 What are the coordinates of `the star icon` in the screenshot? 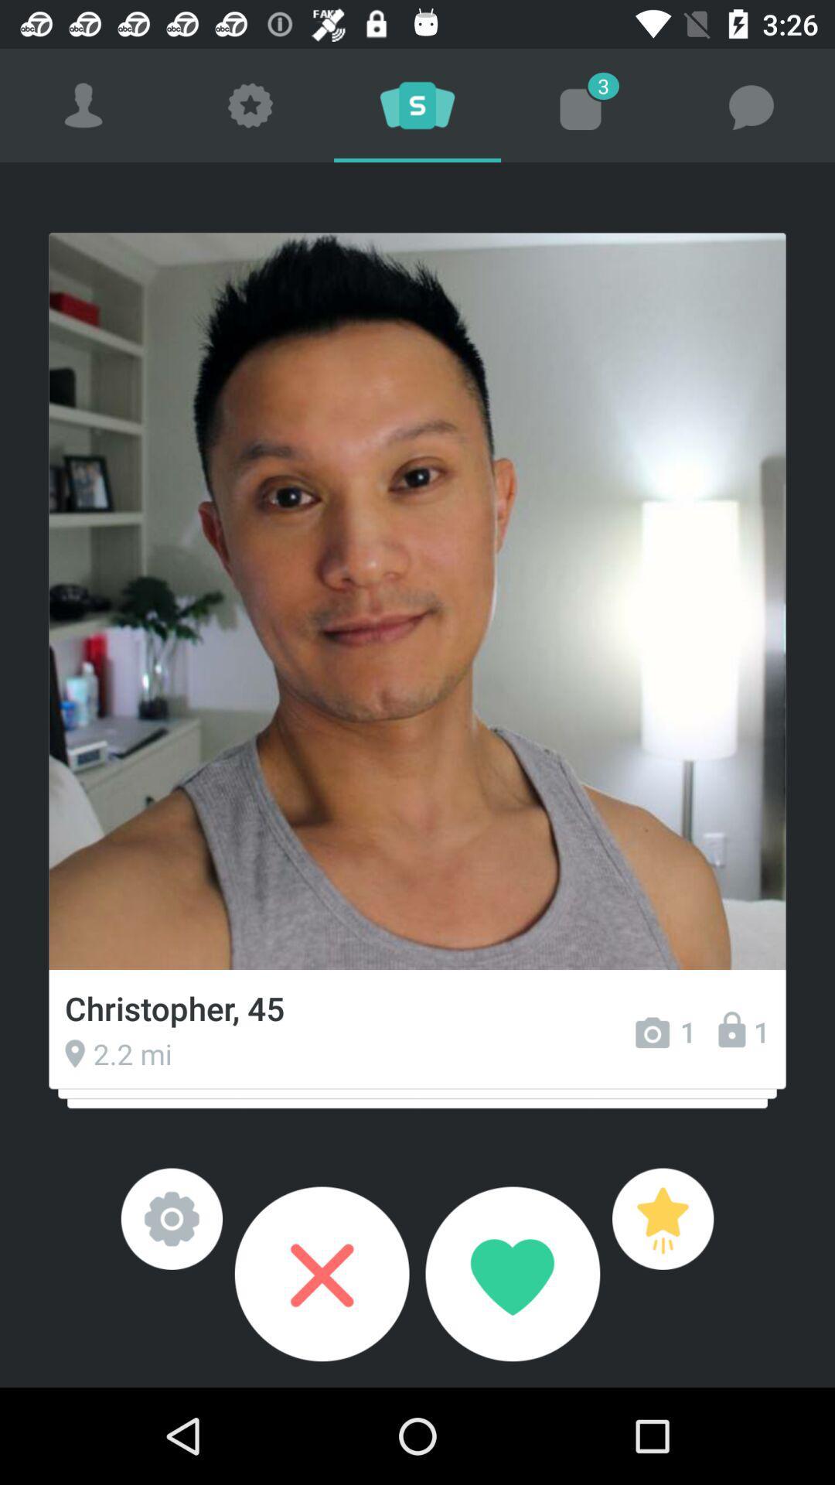 It's located at (662, 1218).